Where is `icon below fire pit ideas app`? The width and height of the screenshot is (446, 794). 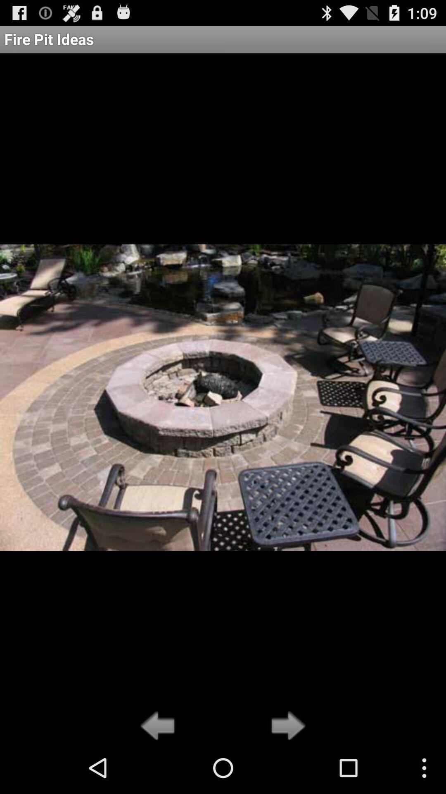
icon below fire pit ideas app is located at coordinates (285, 726).